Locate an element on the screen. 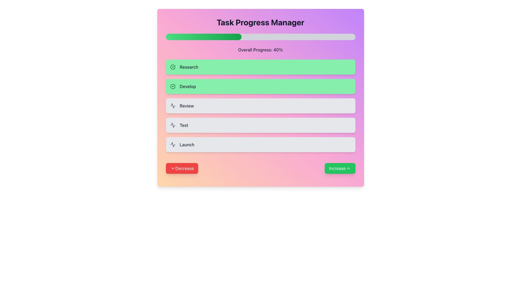 This screenshot has width=517, height=291. the 'Research' milestone indicator button at the top of the task progress manager interface to interact with it is located at coordinates (260, 67).